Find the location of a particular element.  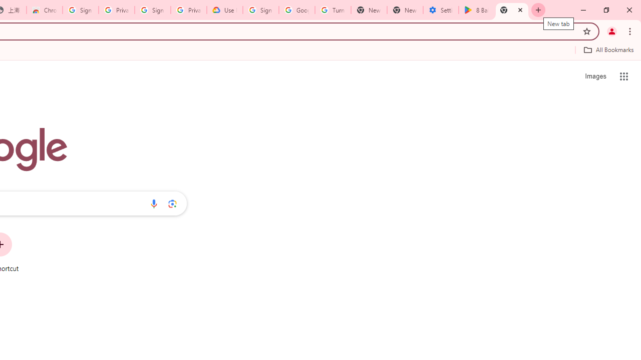

'Google Account Help' is located at coordinates (296, 10).